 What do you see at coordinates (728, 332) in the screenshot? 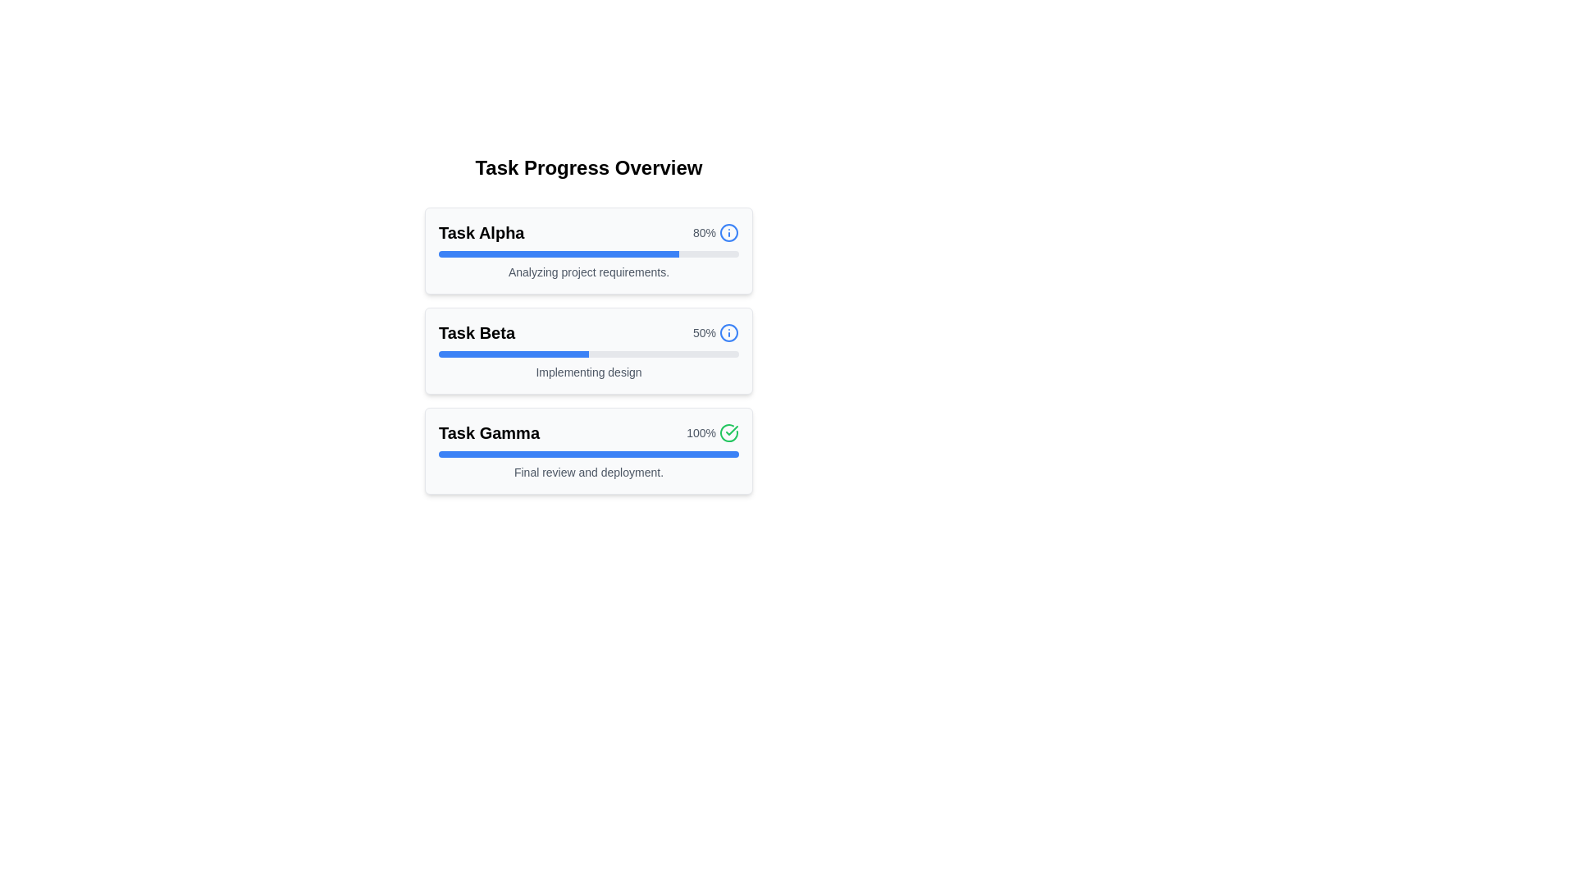
I see `the circular icon with a blue border and a white background, which contains a central blue dot, located in the top-right corner of the 'Task Beta' panel` at bounding box center [728, 332].